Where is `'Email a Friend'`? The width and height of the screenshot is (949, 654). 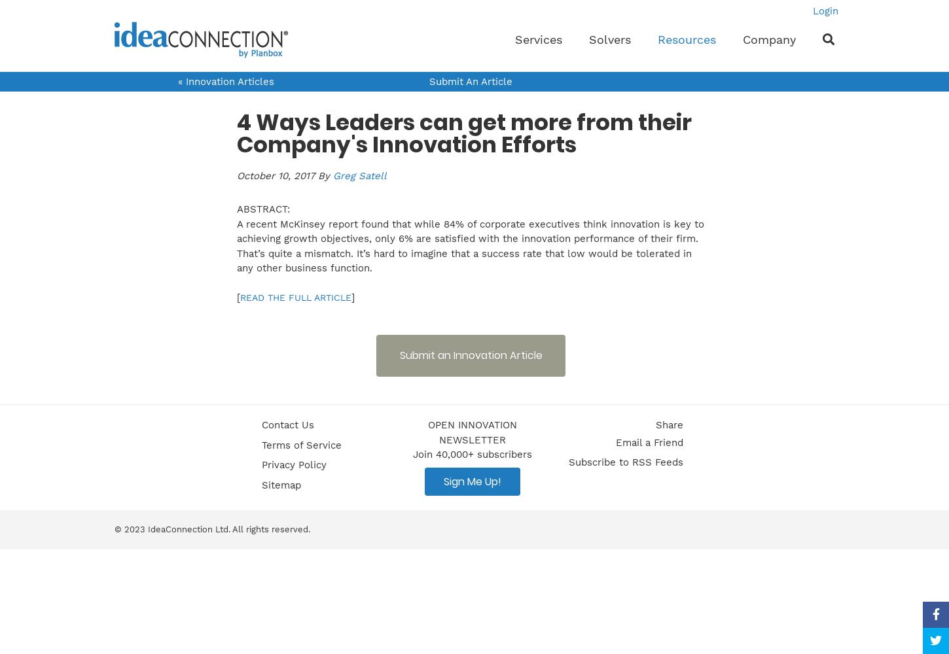 'Email a Friend' is located at coordinates (649, 442).